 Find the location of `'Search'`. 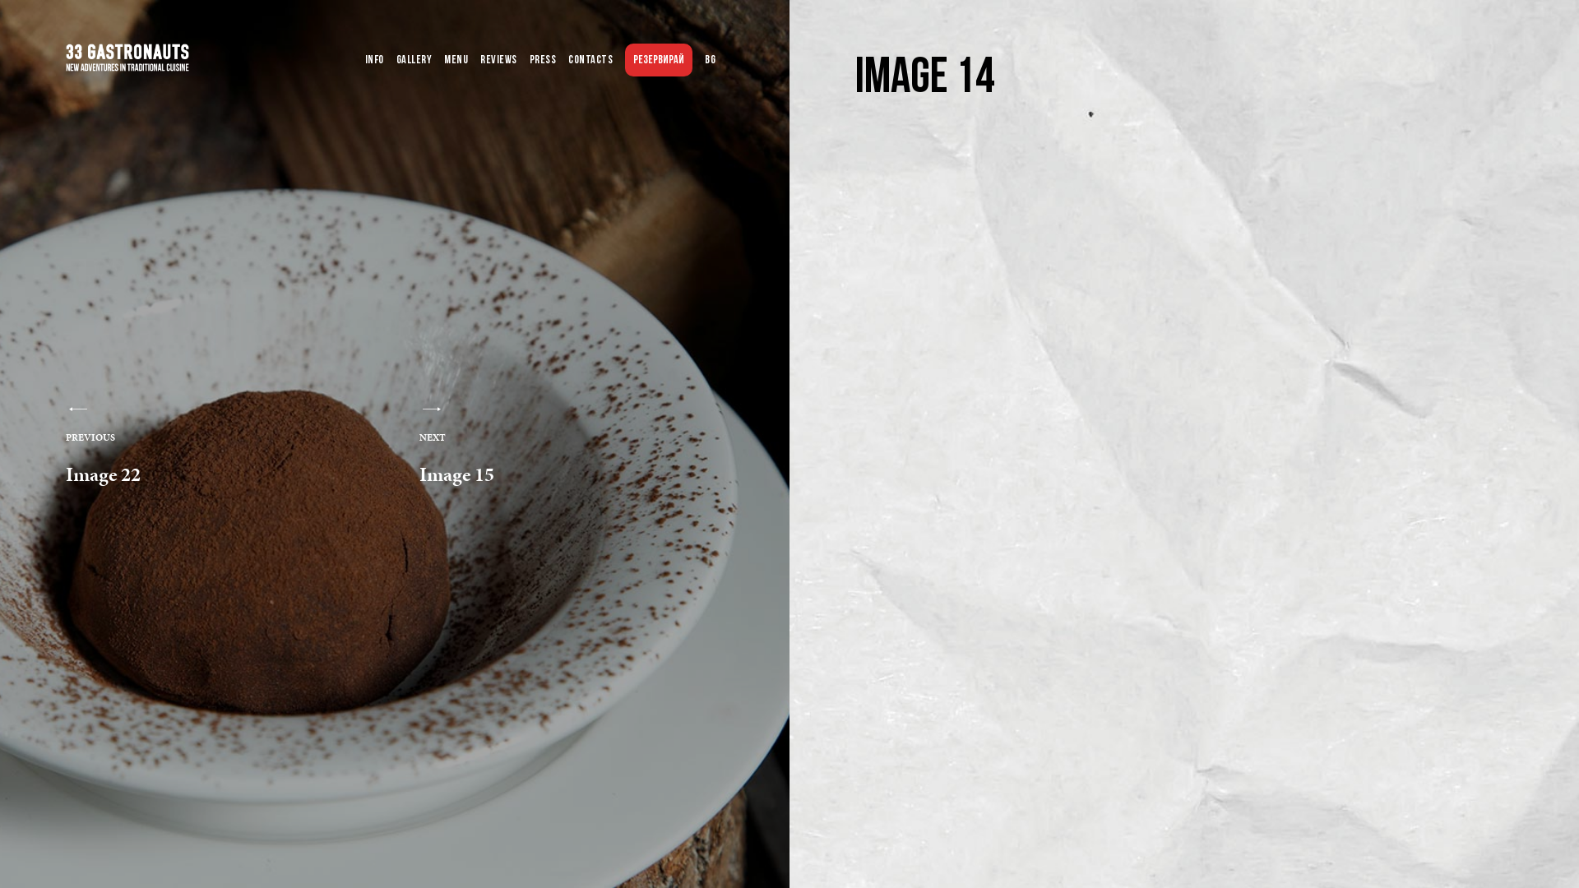

'Search' is located at coordinates (0, 16).